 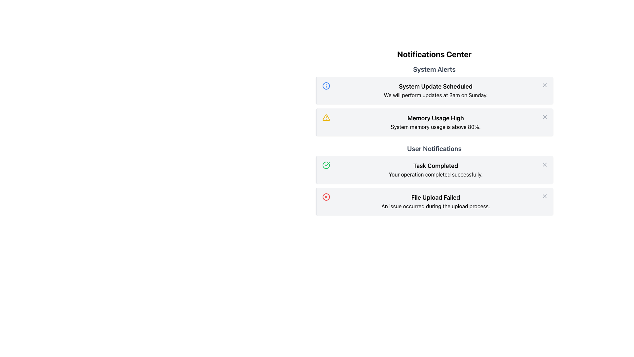 I want to click on the informational update icon located on the left side of the notification block titled 'System Update Scheduled' in the 'Notifications Center', so click(x=326, y=85).